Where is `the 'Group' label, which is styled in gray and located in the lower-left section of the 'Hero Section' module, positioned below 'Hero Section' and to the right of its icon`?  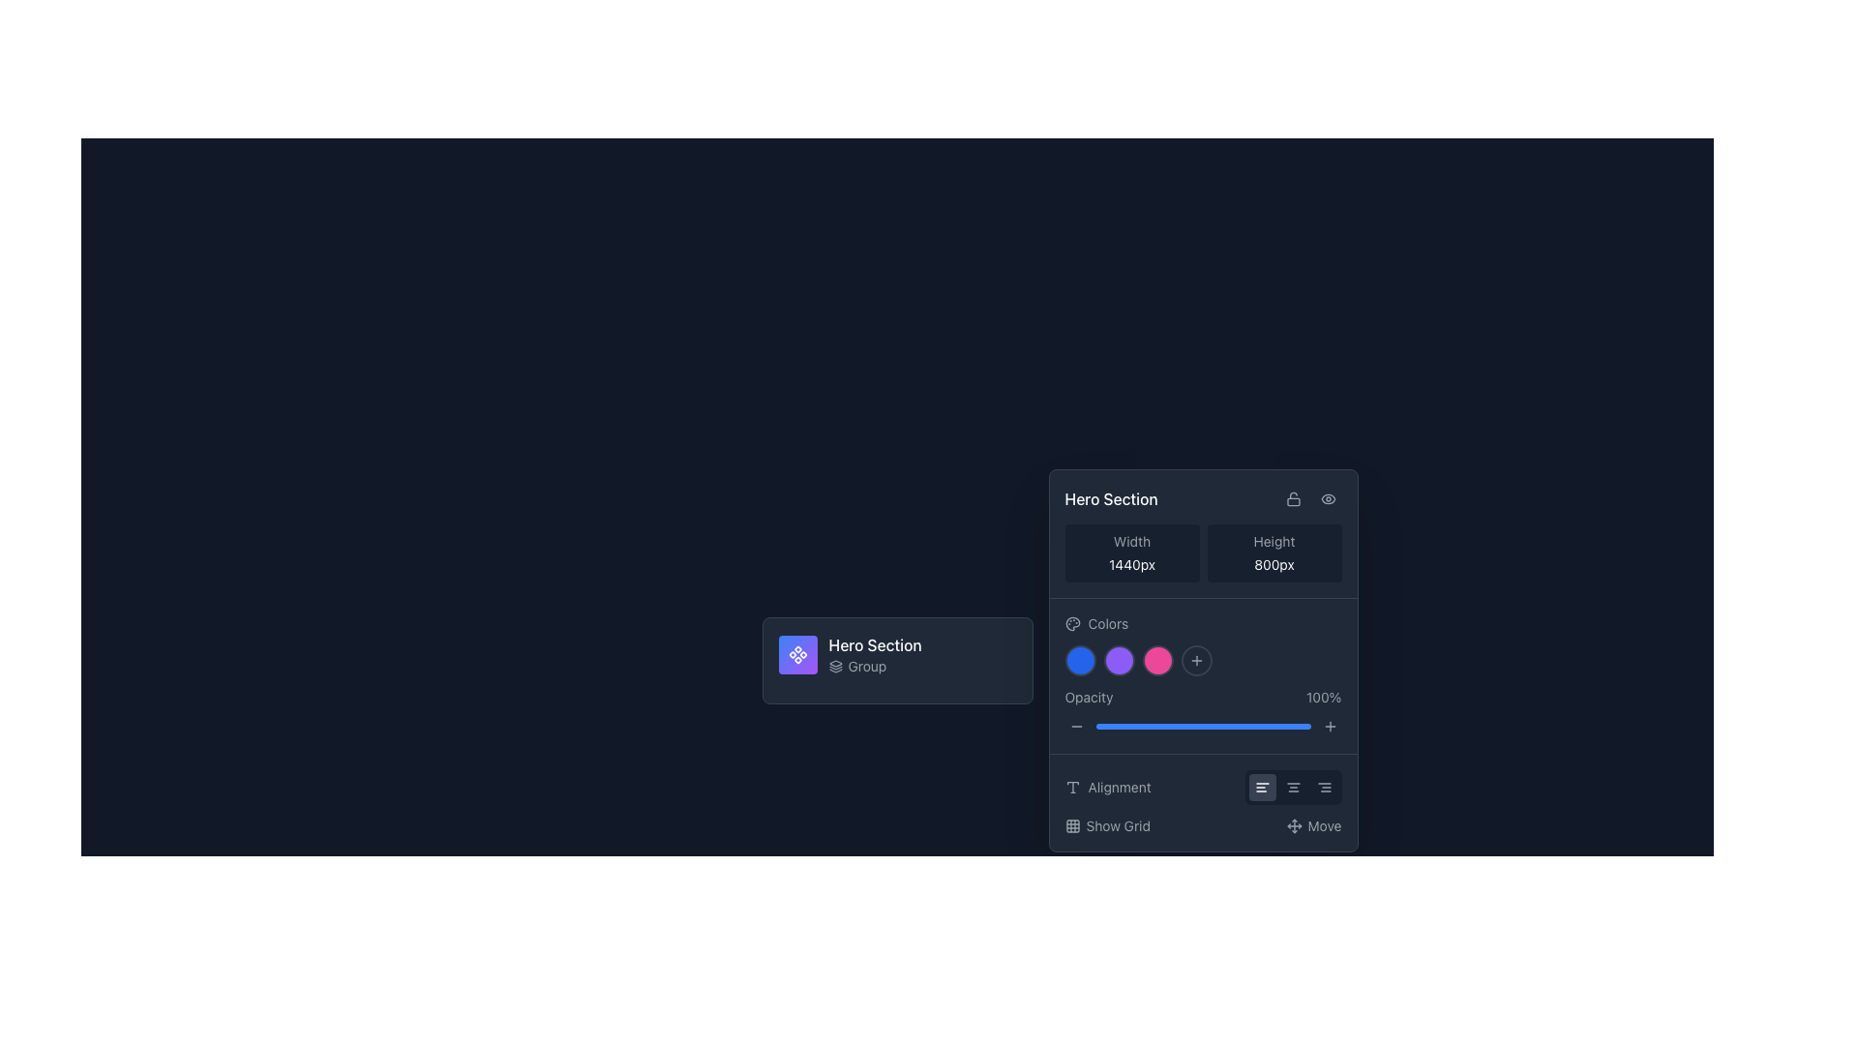
the 'Group' label, which is styled in gray and located in the lower-left section of the 'Hero Section' module, positioned below 'Hero Section' and to the right of its icon is located at coordinates (874, 666).